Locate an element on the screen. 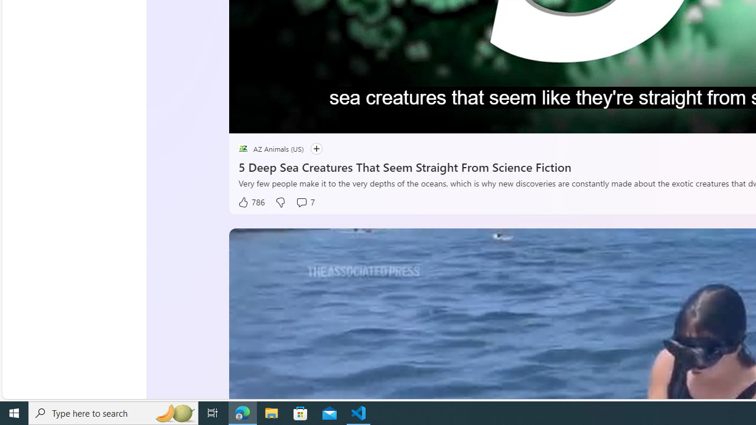 This screenshot has height=425, width=756. '786 Like' is located at coordinates (250, 202).